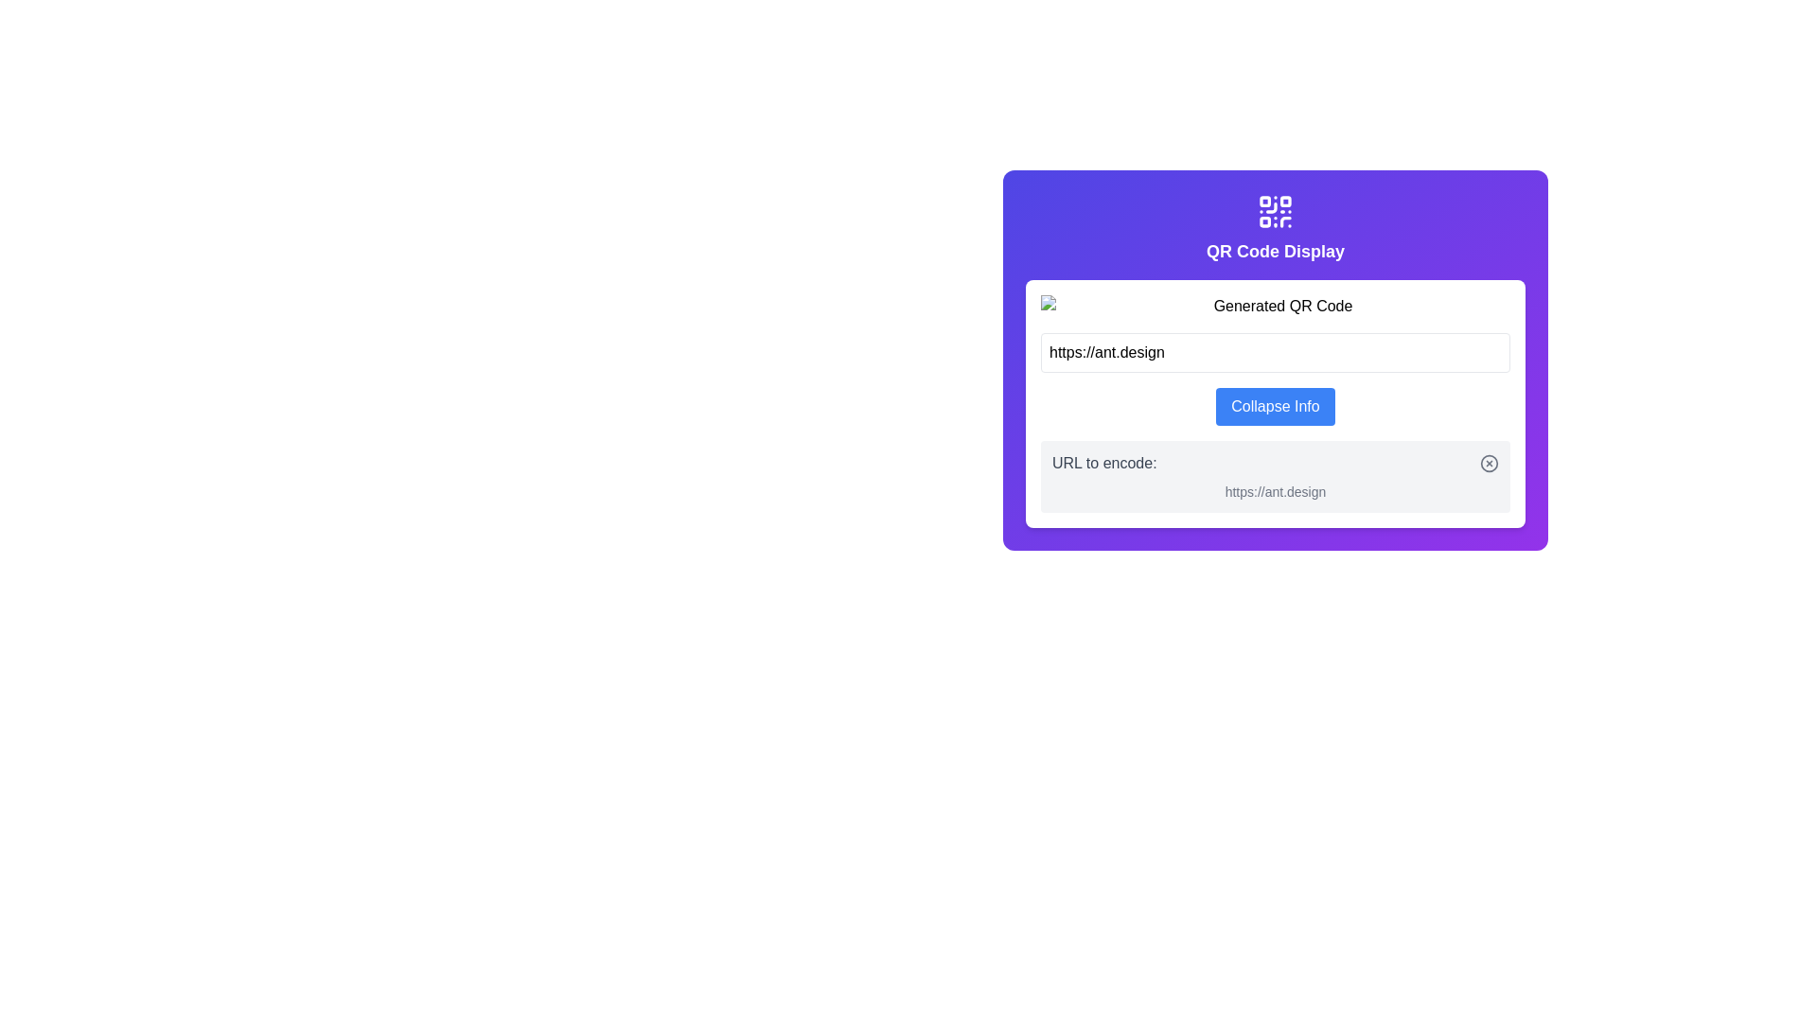  Describe the element at coordinates (1276, 251) in the screenshot. I see `the text label that indicates the functionality of the card related` at that location.